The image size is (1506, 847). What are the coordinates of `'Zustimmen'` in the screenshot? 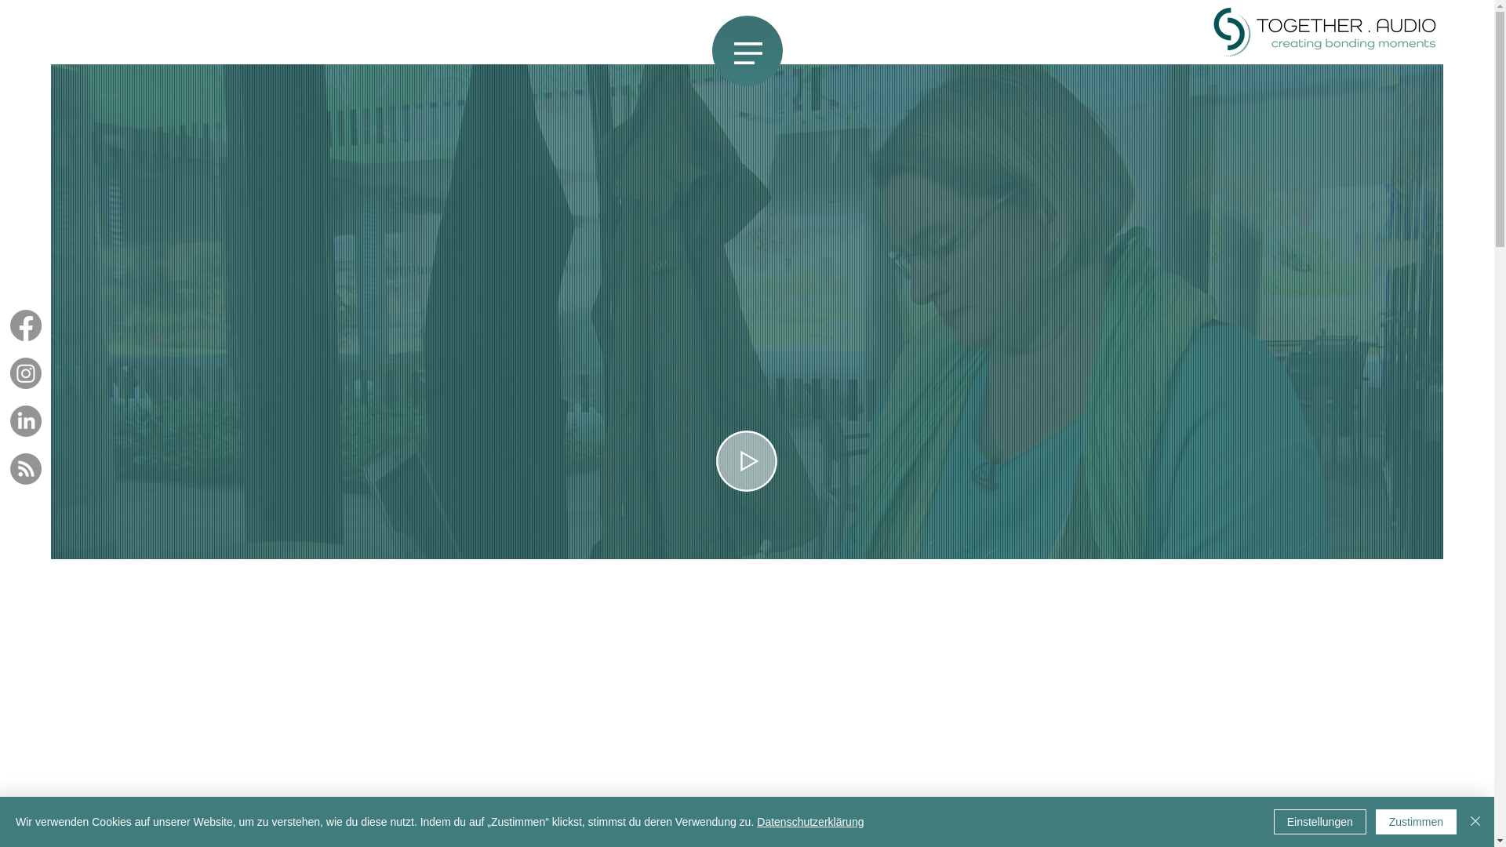 It's located at (1416, 821).